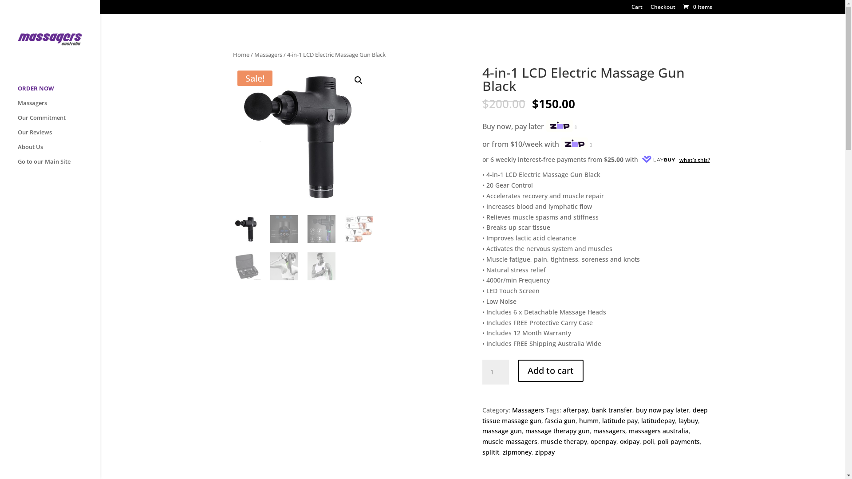 This screenshot has width=852, height=479. What do you see at coordinates (253, 55) in the screenshot?
I see `'Massagers'` at bounding box center [253, 55].